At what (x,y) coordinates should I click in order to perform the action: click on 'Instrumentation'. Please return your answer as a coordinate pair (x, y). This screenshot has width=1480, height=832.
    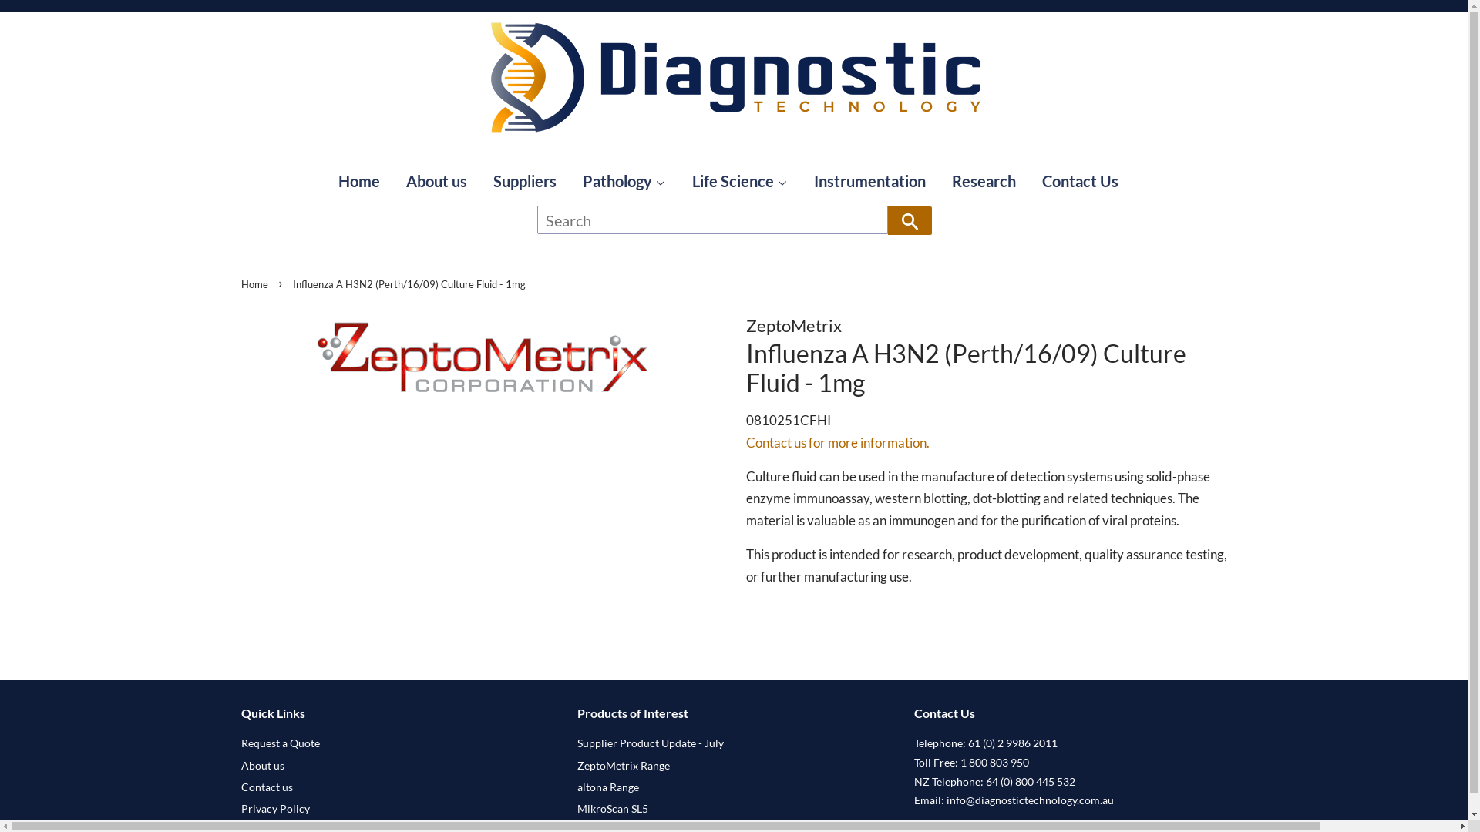
    Looking at the image, I should click on (802, 180).